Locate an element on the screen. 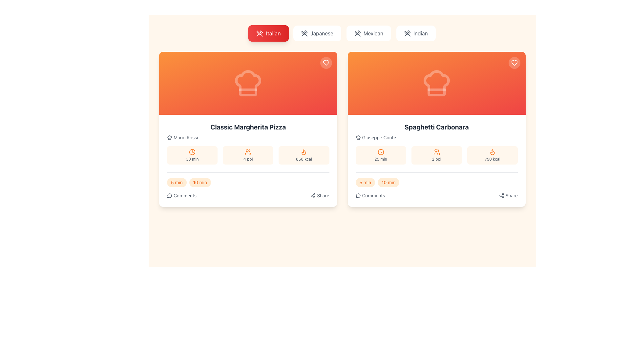 The height and width of the screenshot is (354, 630). displayed time information from the Text with icon indicator that features an orange circular clock icon and the text '25 min' below it is located at coordinates (381, 155).